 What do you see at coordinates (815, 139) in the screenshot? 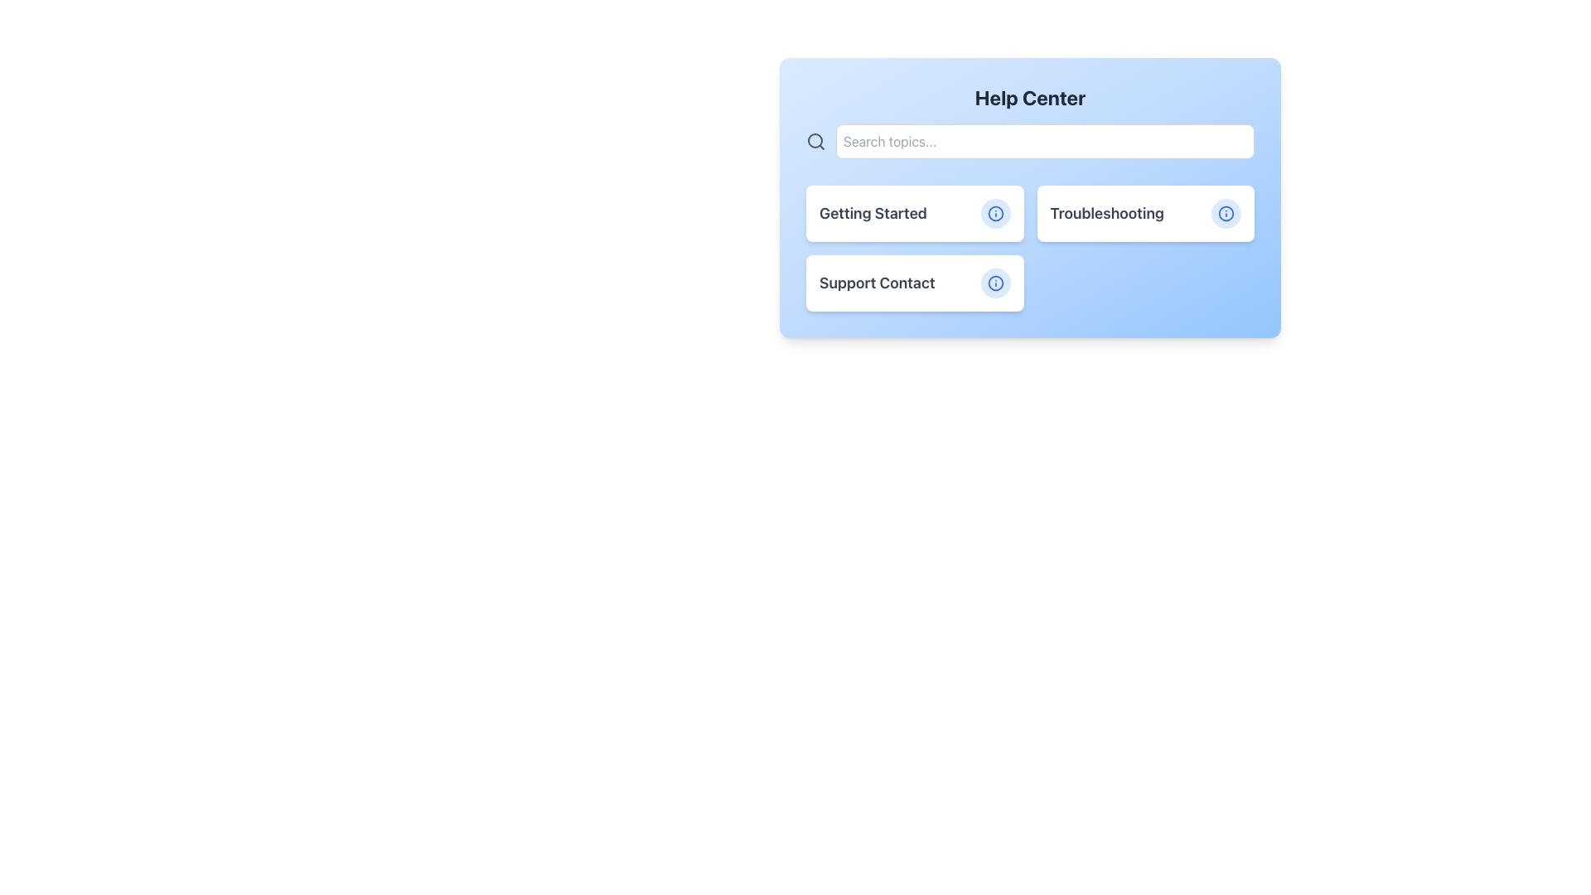
I see `the circular part of the magnifying glass icon, which is styled with a white fill and a thin border, located to the left of the search bar in the top-center section of the interface` at bounding box center [815, 139].